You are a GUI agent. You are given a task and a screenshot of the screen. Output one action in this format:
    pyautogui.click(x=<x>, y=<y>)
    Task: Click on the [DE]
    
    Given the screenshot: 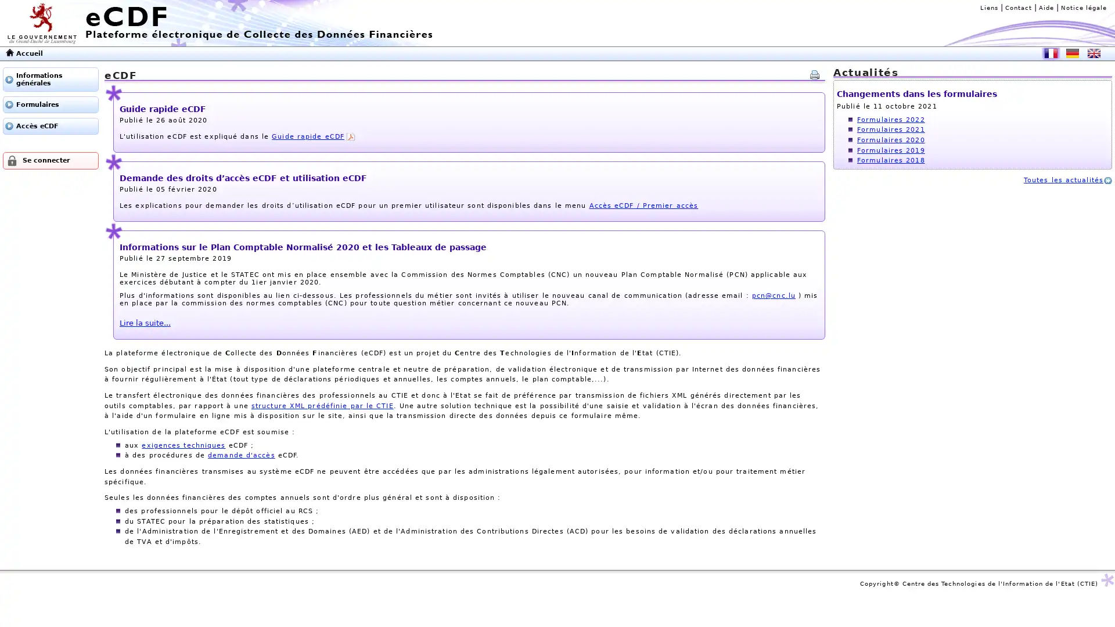 What is the action you would take?
    pyautogui.click(x=1072, y=53)
    